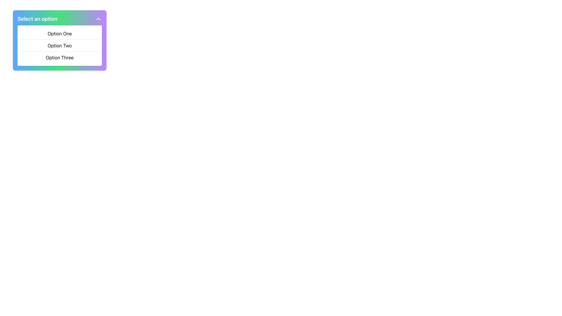 This screenshot has width=562, height=316. Describe the element at coordinates (59, 45) in the screenshot. I see `the dropdown menu located at the center of the bounding box` at that location.